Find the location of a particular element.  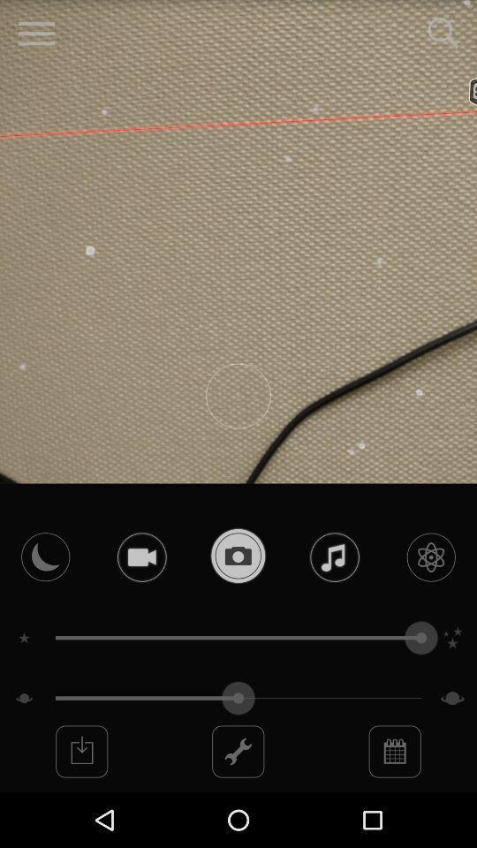

the call icon is located at coordinates (45, 596).